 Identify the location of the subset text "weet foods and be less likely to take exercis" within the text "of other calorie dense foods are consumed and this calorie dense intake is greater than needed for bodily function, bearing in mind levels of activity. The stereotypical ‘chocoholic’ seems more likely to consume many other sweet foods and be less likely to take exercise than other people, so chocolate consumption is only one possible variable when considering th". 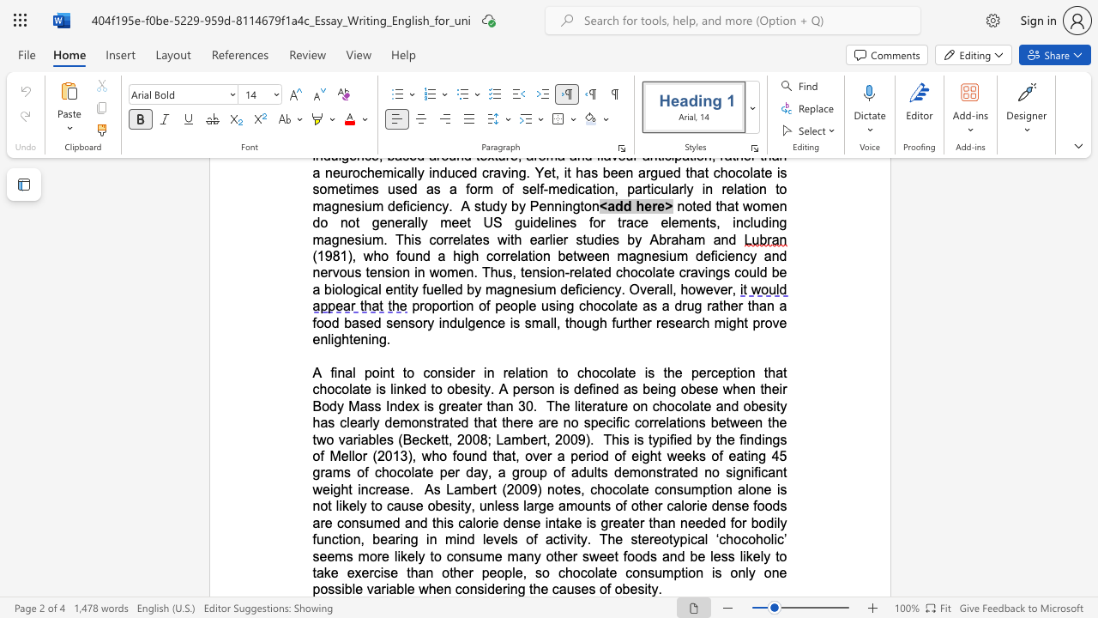
(589, 556).